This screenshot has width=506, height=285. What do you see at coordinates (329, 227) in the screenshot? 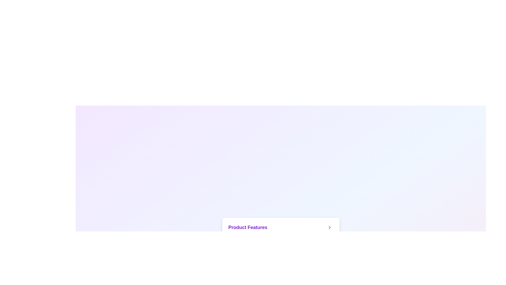
I see `the rightward action indicator icon located within the SVG group, positioned to the right of the 'Product Features' text` at bounding box center [329, 227].